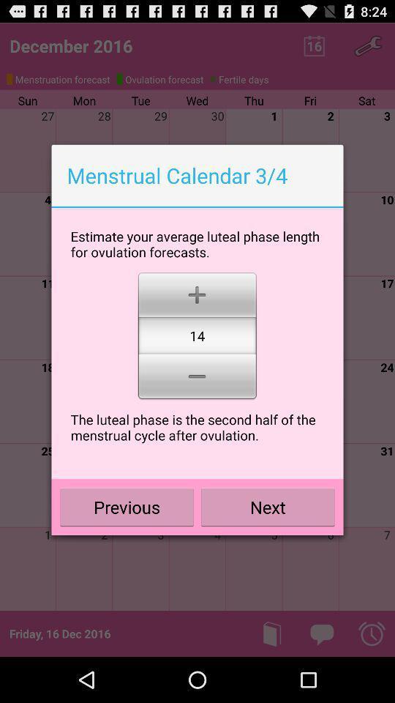  What do you see at coordinates (127, 507) in the screenshot?
I see `the item at the bottom left corner` at bounding box center [127, 507].